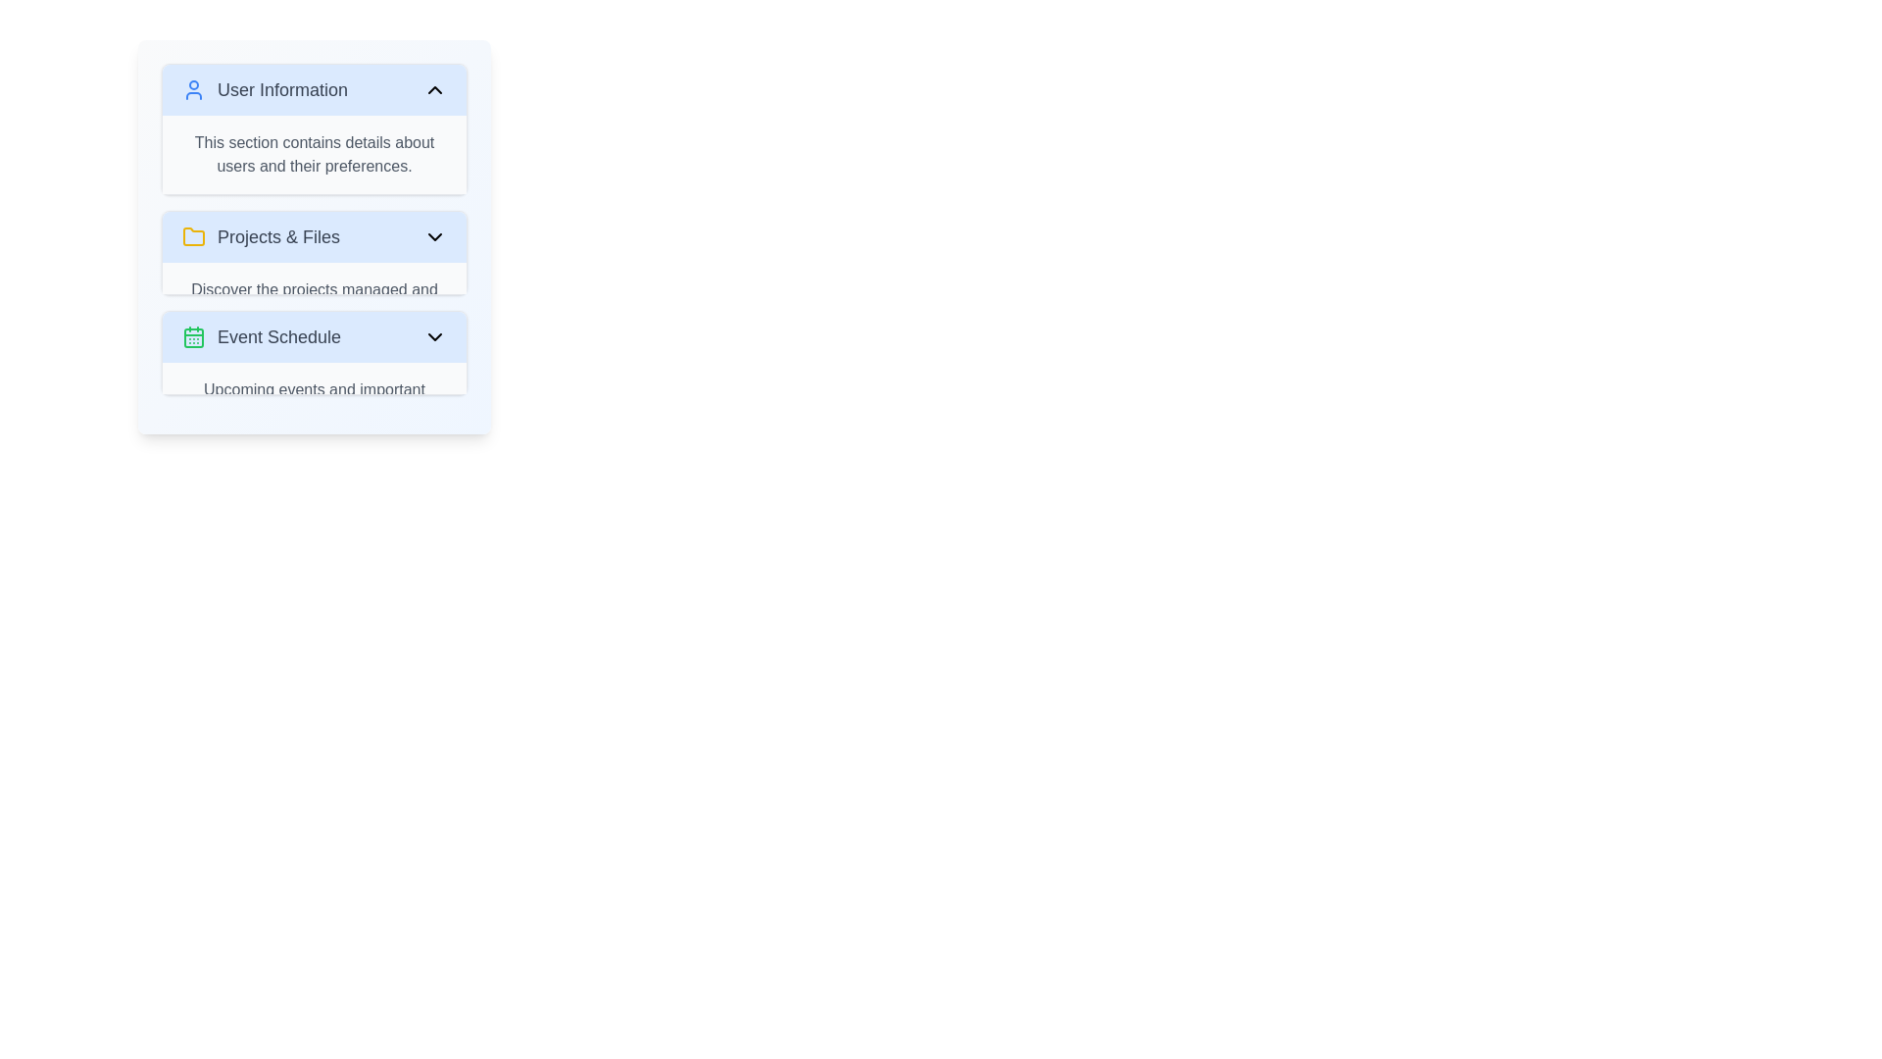 Image resolution: width=1882 pixels, height=1059 pixels. What do you see at coordinates (261, 335) in the screenshot?
I see `the 'Event Schedule' header with a calendar icon in the sidebar menu, which is the third item in the list and has a light blue background` at bounding box center [261, 335].